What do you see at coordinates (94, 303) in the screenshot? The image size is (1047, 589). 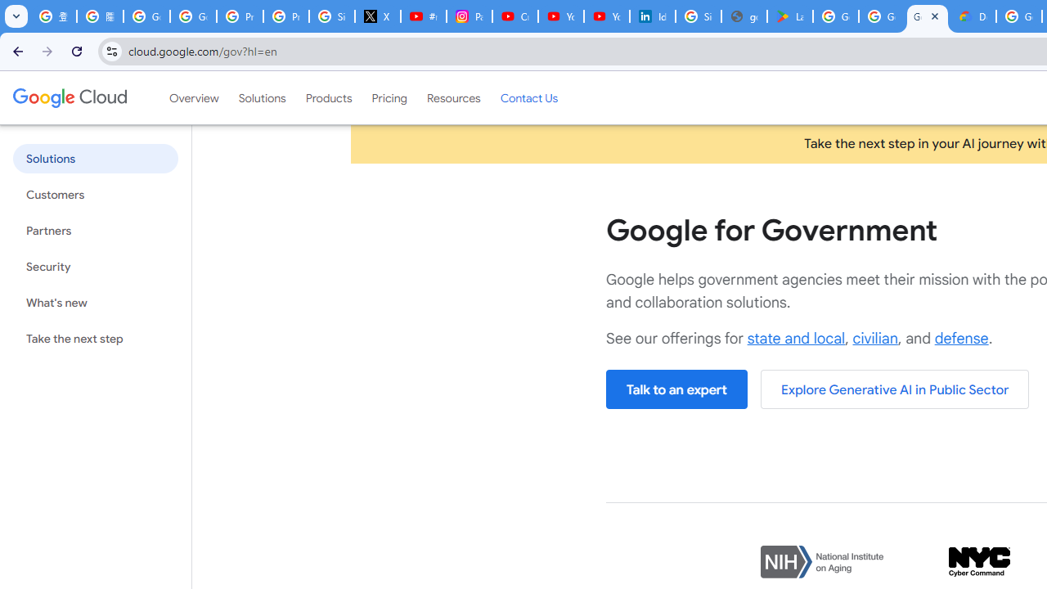 I see `'What'` at bounding box center [94, 303].